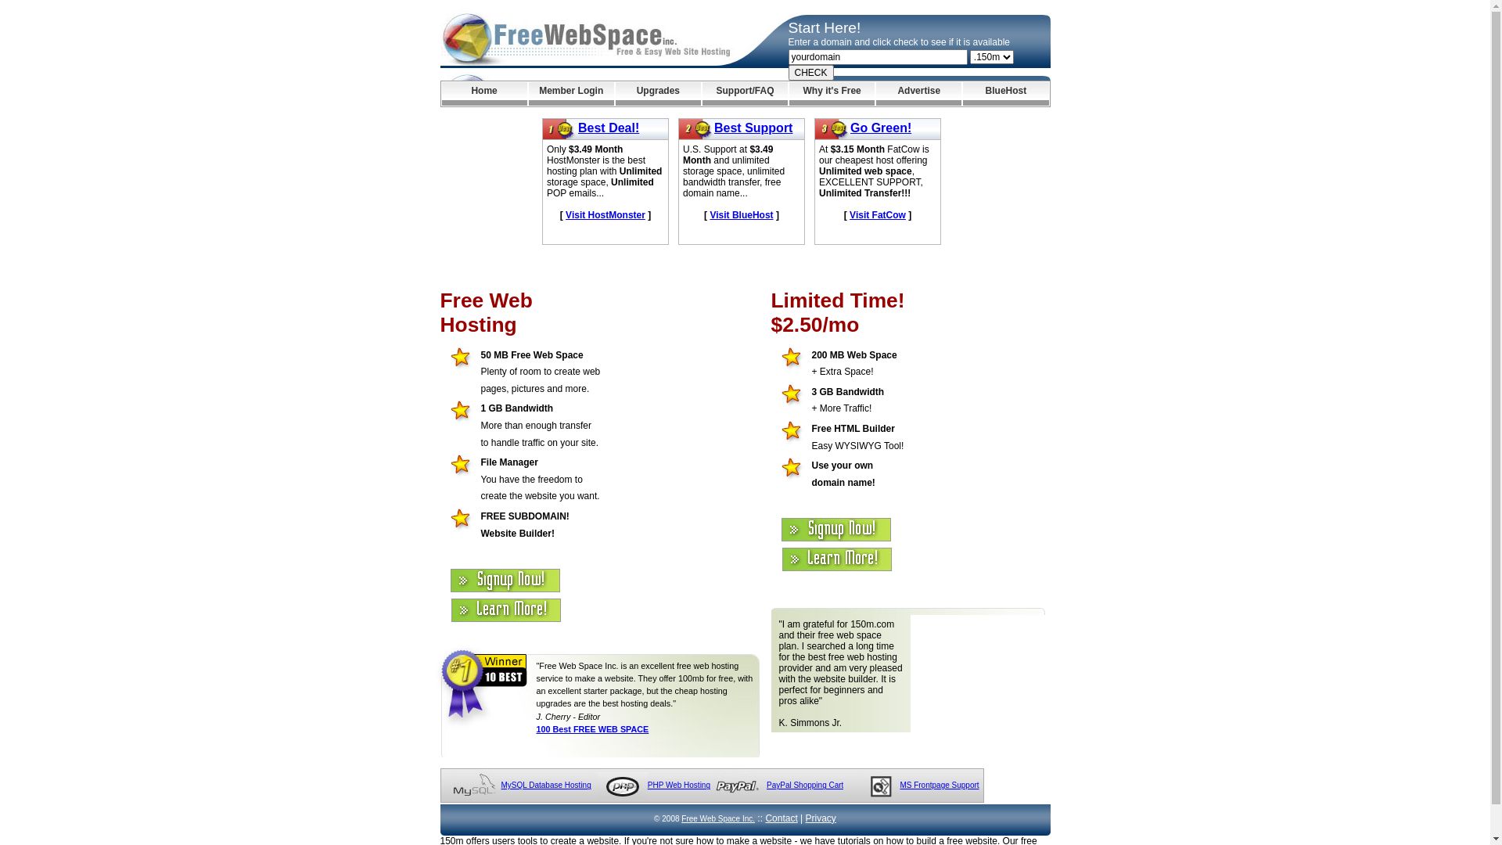 Image resolution: width=1502 pixels, height=845 pixels. Describe the element at coordinates (789, 93) in the screenshot. I see `'Why it's Free'` at that location.